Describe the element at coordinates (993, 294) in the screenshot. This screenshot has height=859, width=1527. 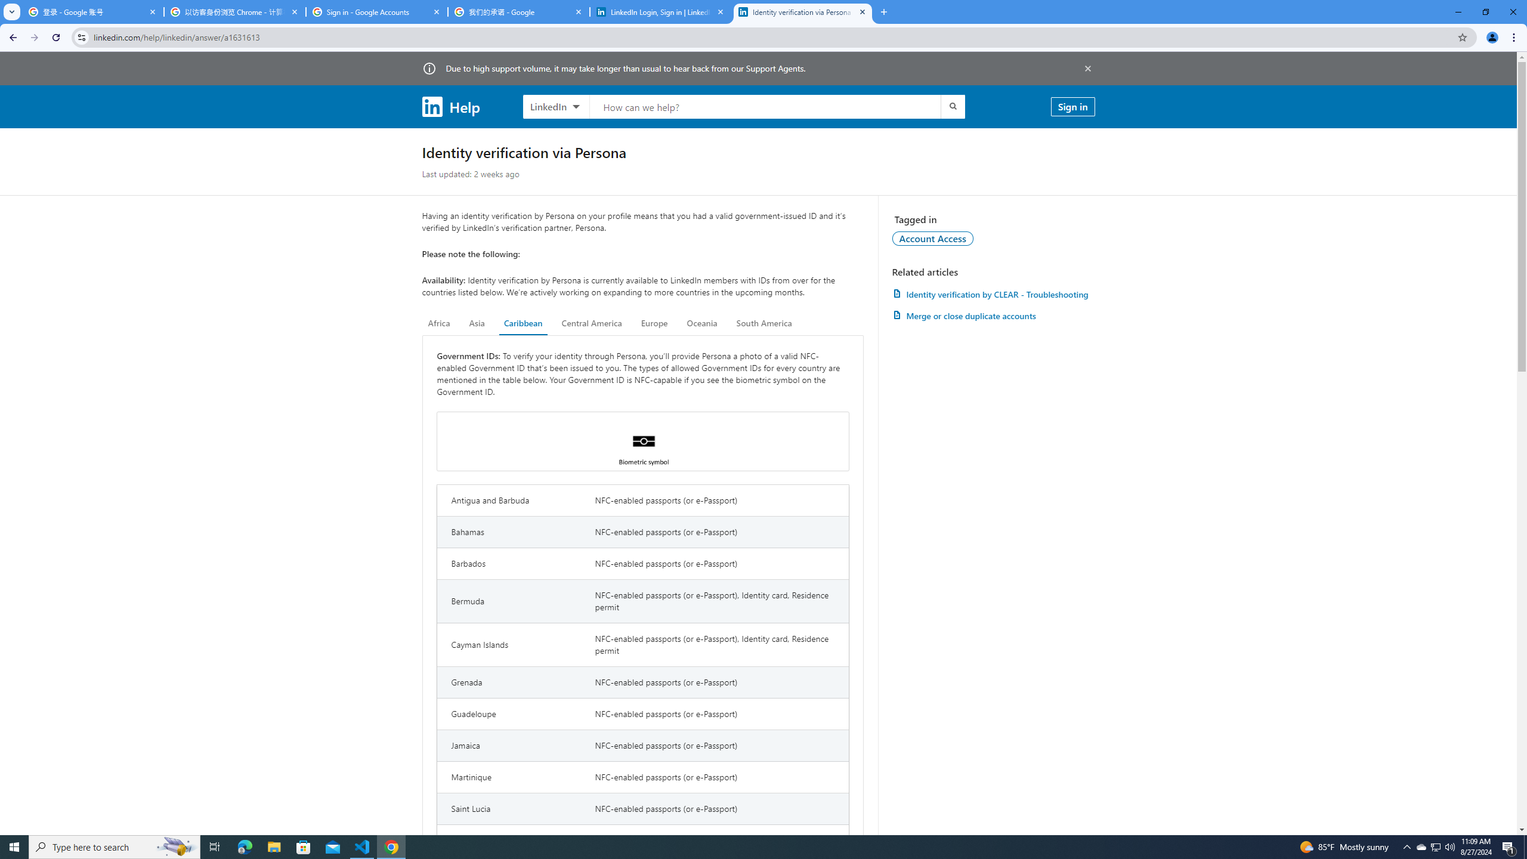
I see `'AutomationID: article-link-a1457505'` at that location.